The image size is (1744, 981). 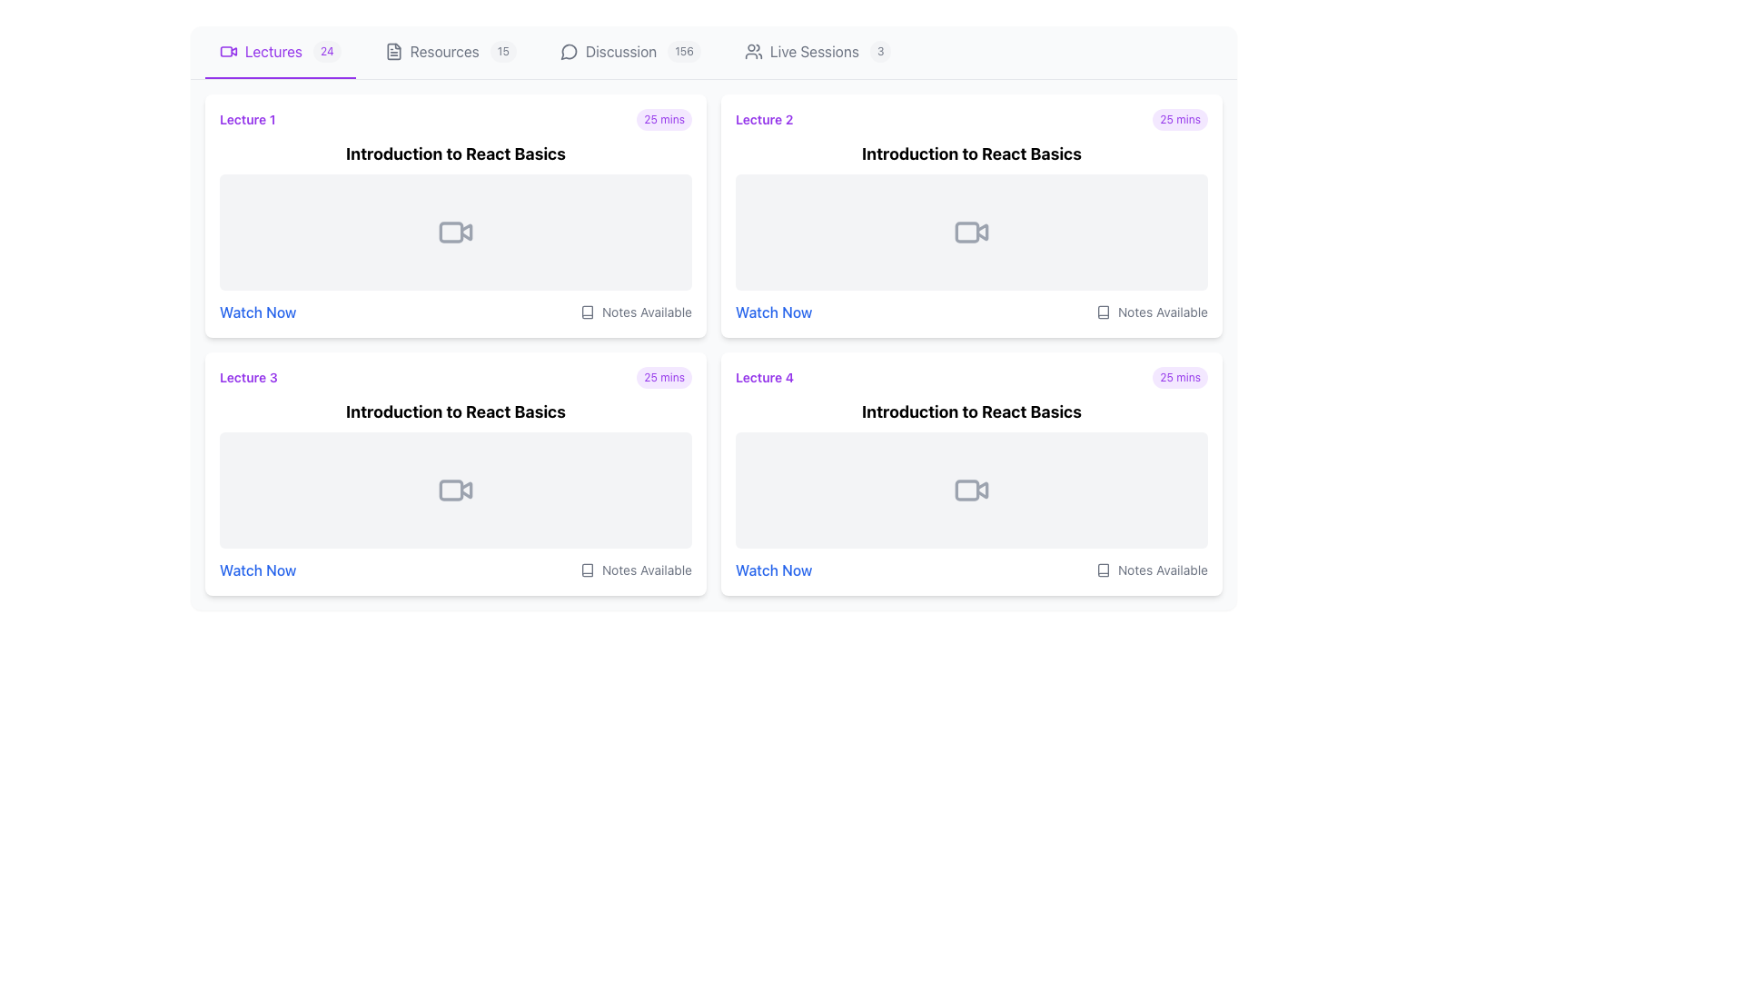 What do you see at coordinates (1102, 570) in the screenshot?
I see `the decorative SVG icon representing resources or notes associated with the lecture located in the header of the lecture card in the second column of the second row` at bounding box center [1102, 570].